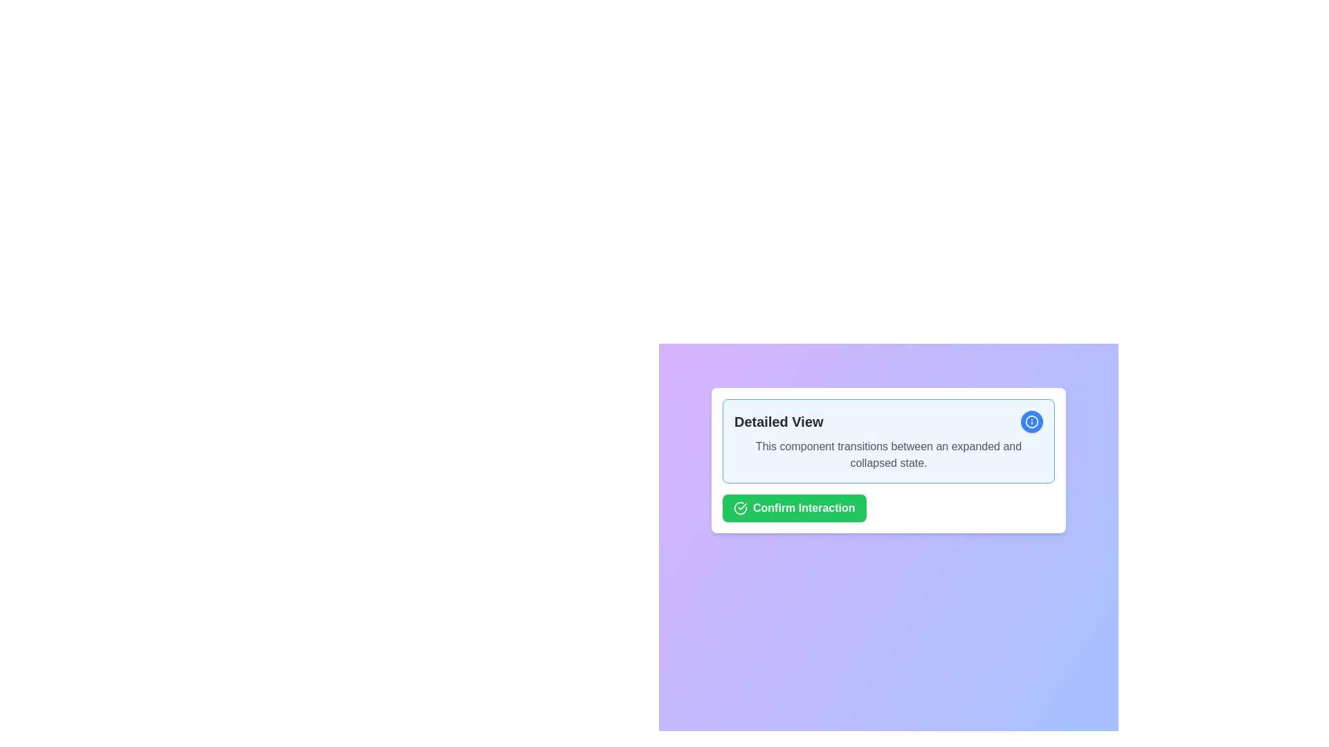  I want to click on the circular vector graphic with a checkmark inside the green button labeled 'Confirm Interaction' located at the bottom of the 'Detailed View' dialog box, so click(740, 508).